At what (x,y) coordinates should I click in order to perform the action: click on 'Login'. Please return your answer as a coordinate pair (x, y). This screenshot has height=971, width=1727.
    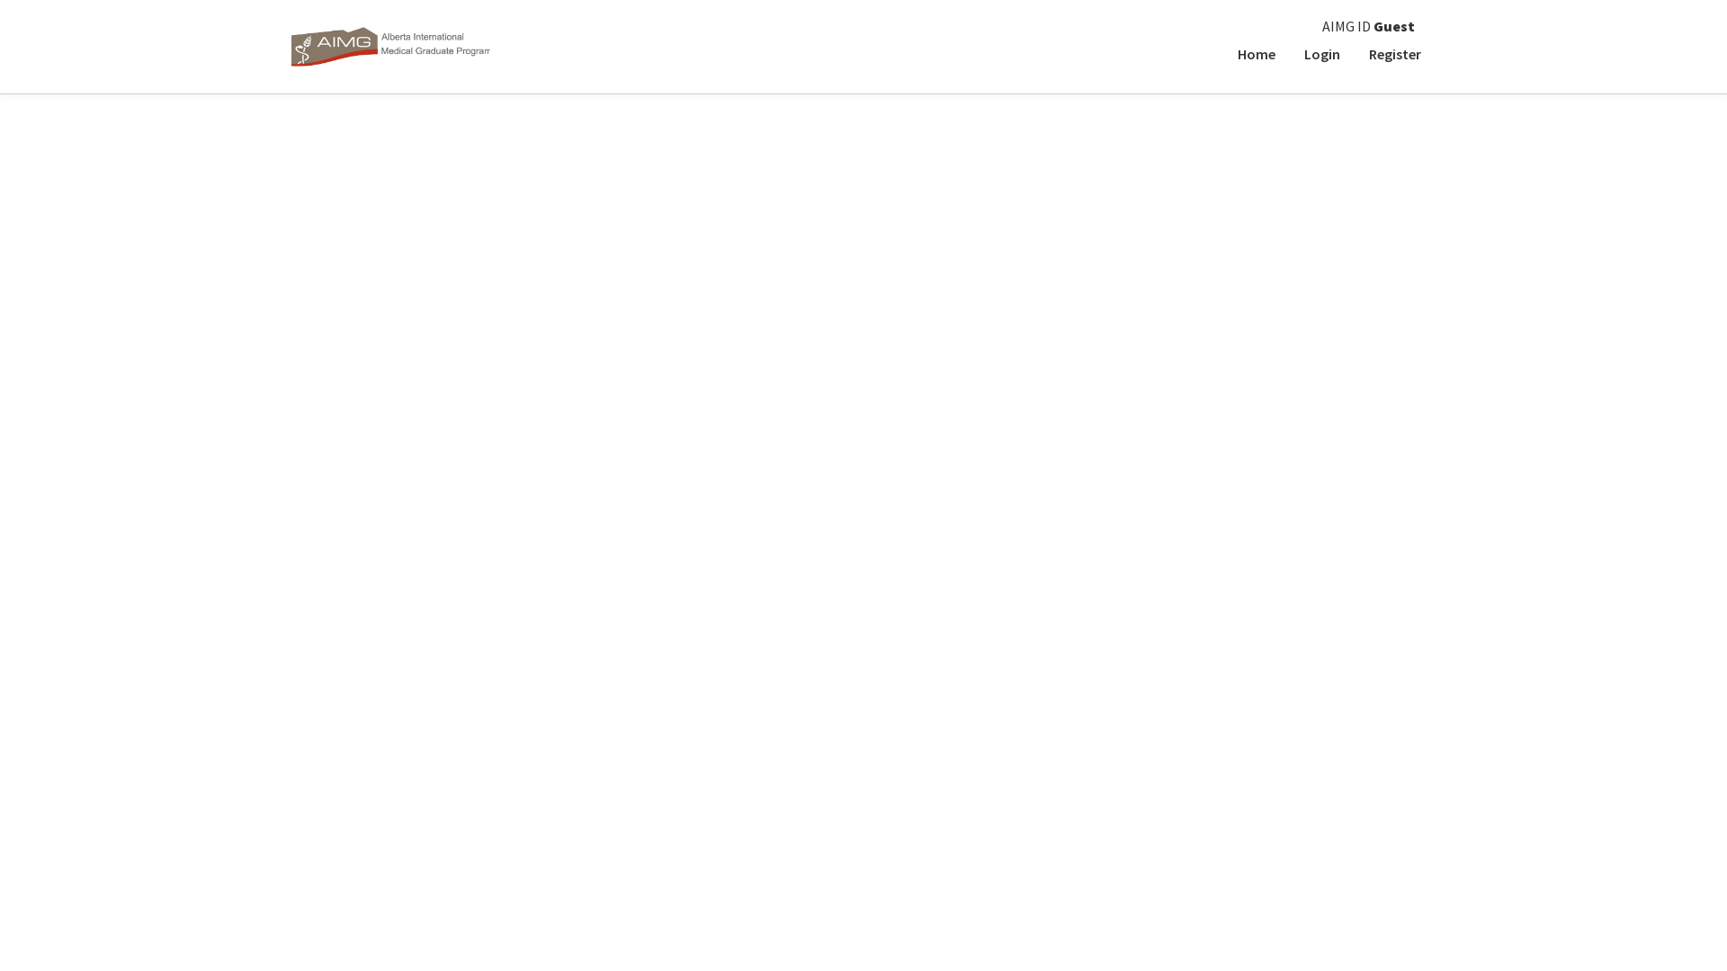
    Looking at the image, I should click on (1289, 53).